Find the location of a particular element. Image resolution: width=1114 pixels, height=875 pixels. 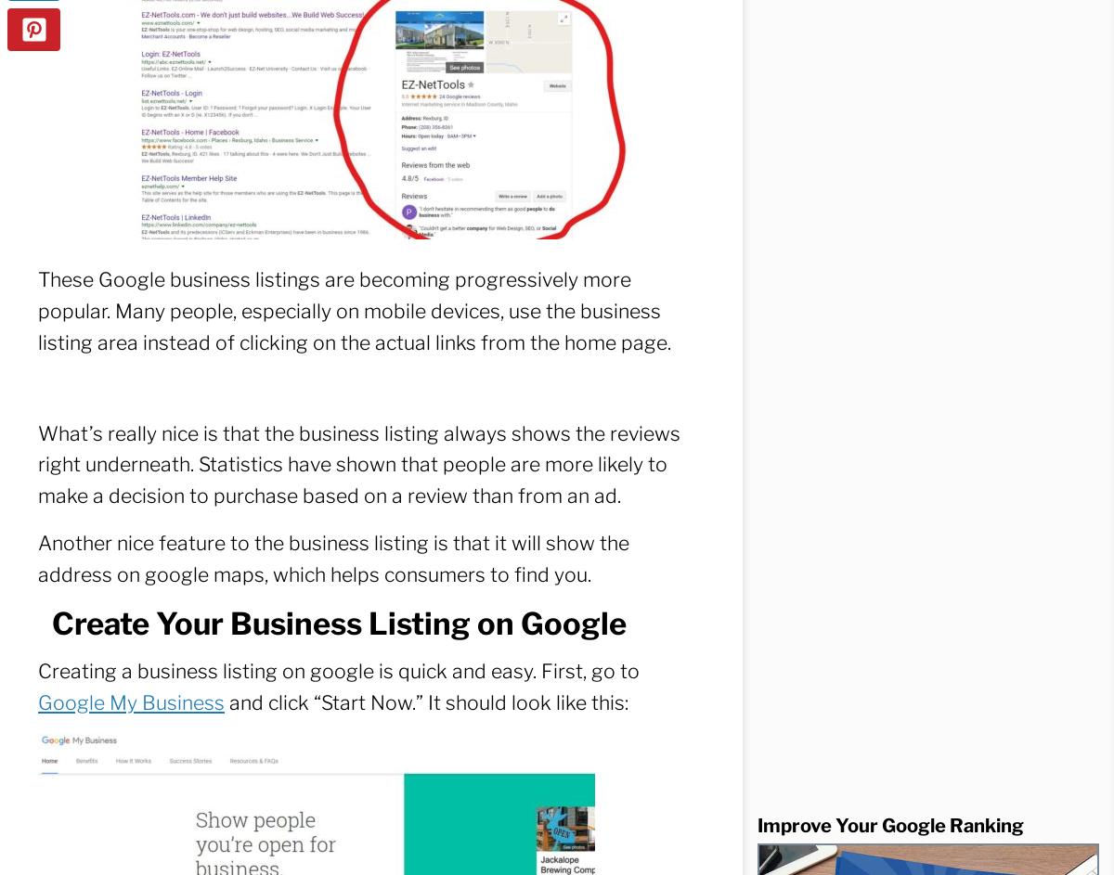

'By' is located at coordinates (858, 27).